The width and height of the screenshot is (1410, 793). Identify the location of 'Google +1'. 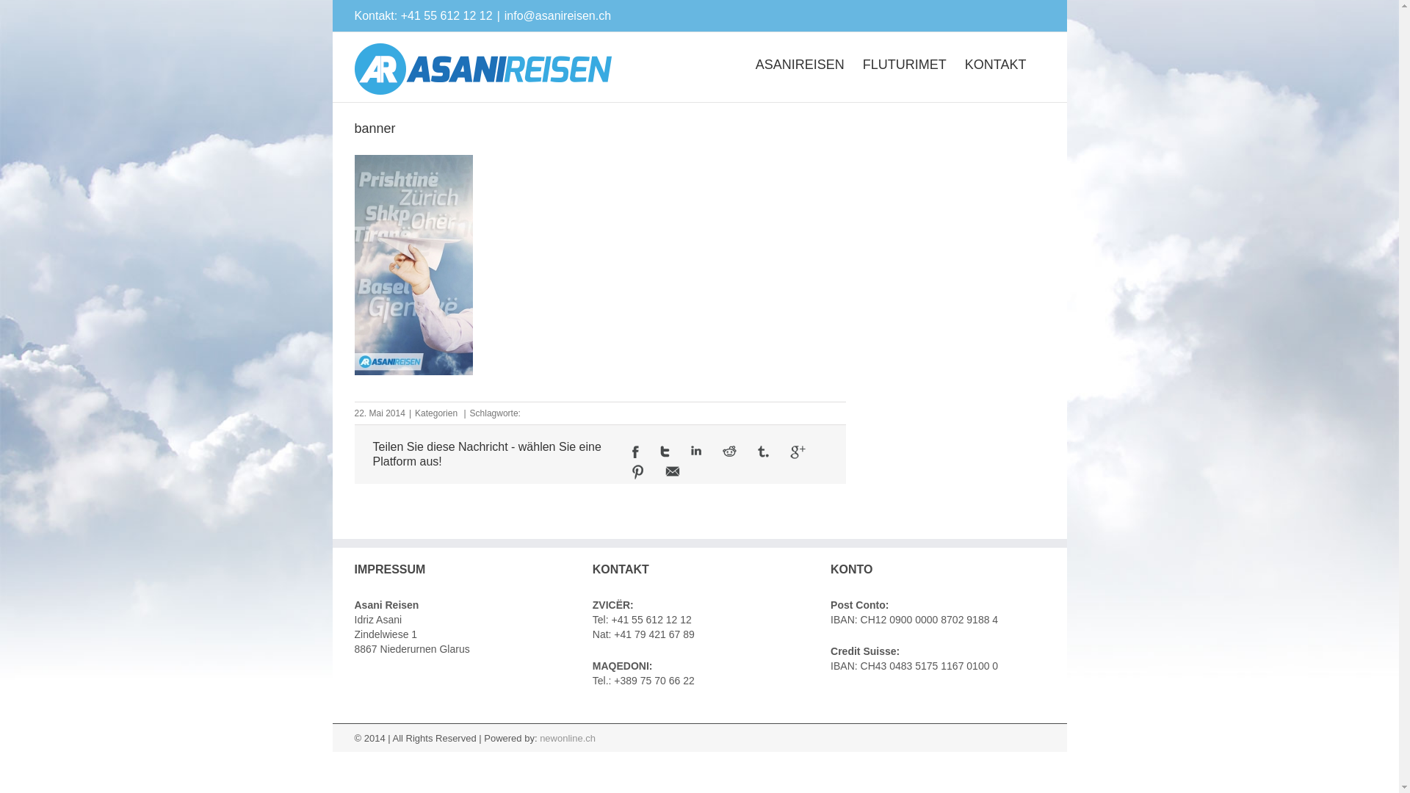
(797, 452).